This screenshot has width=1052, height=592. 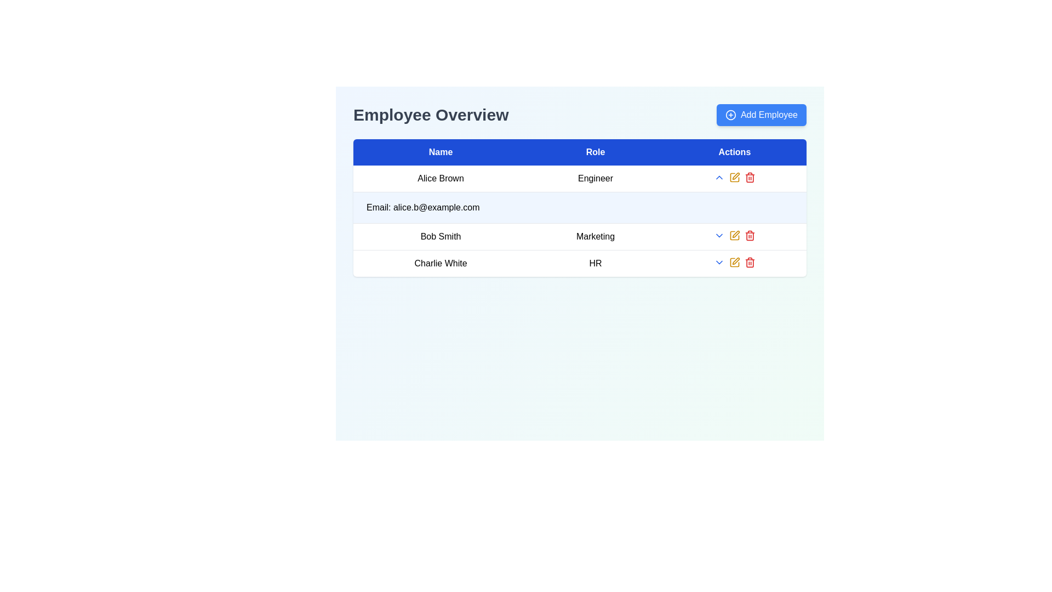 I want to click on the label displaying the job title 'Engineer' located in the second column of the first row under the 'Employee Overview' section, directly to the right of 'Alice Brown', so click(x=579, y=178).